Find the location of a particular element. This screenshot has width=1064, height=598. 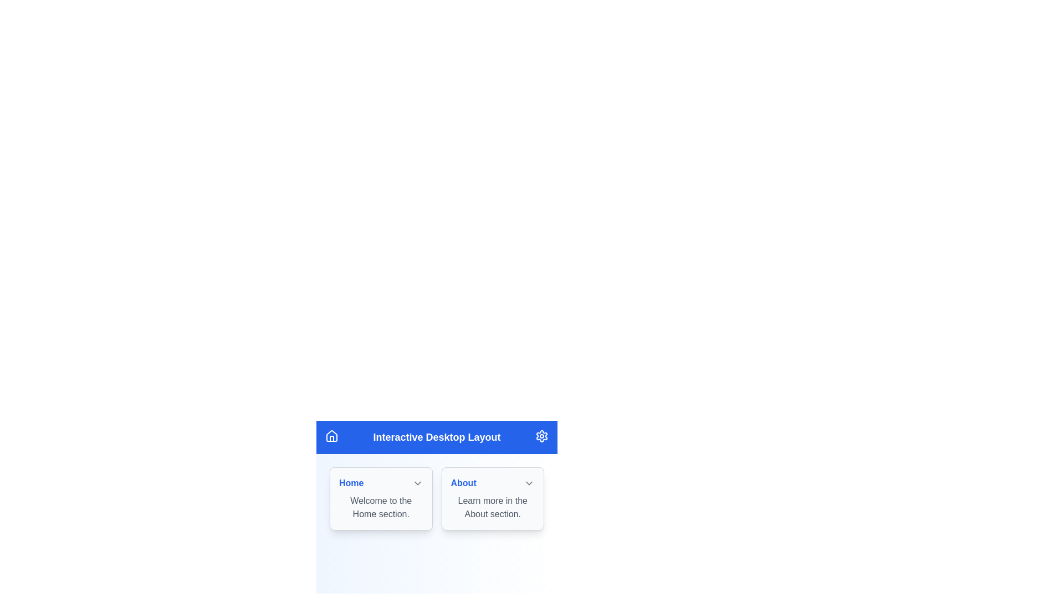

the second informational card in the grid, which provides an overview of the 'About' section of the application is located at coordinates (492, 499).